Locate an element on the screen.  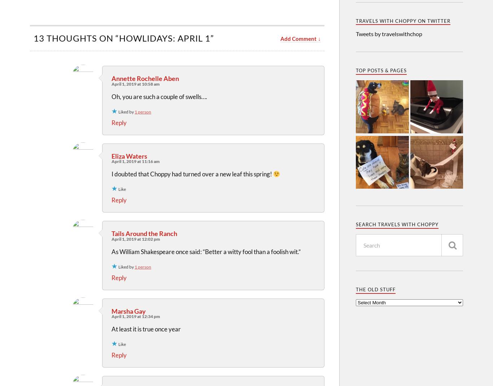
'As William Shakespeare once said: “Better a witty fool than a foolish wit.”' is located at coordinates (205, 251).